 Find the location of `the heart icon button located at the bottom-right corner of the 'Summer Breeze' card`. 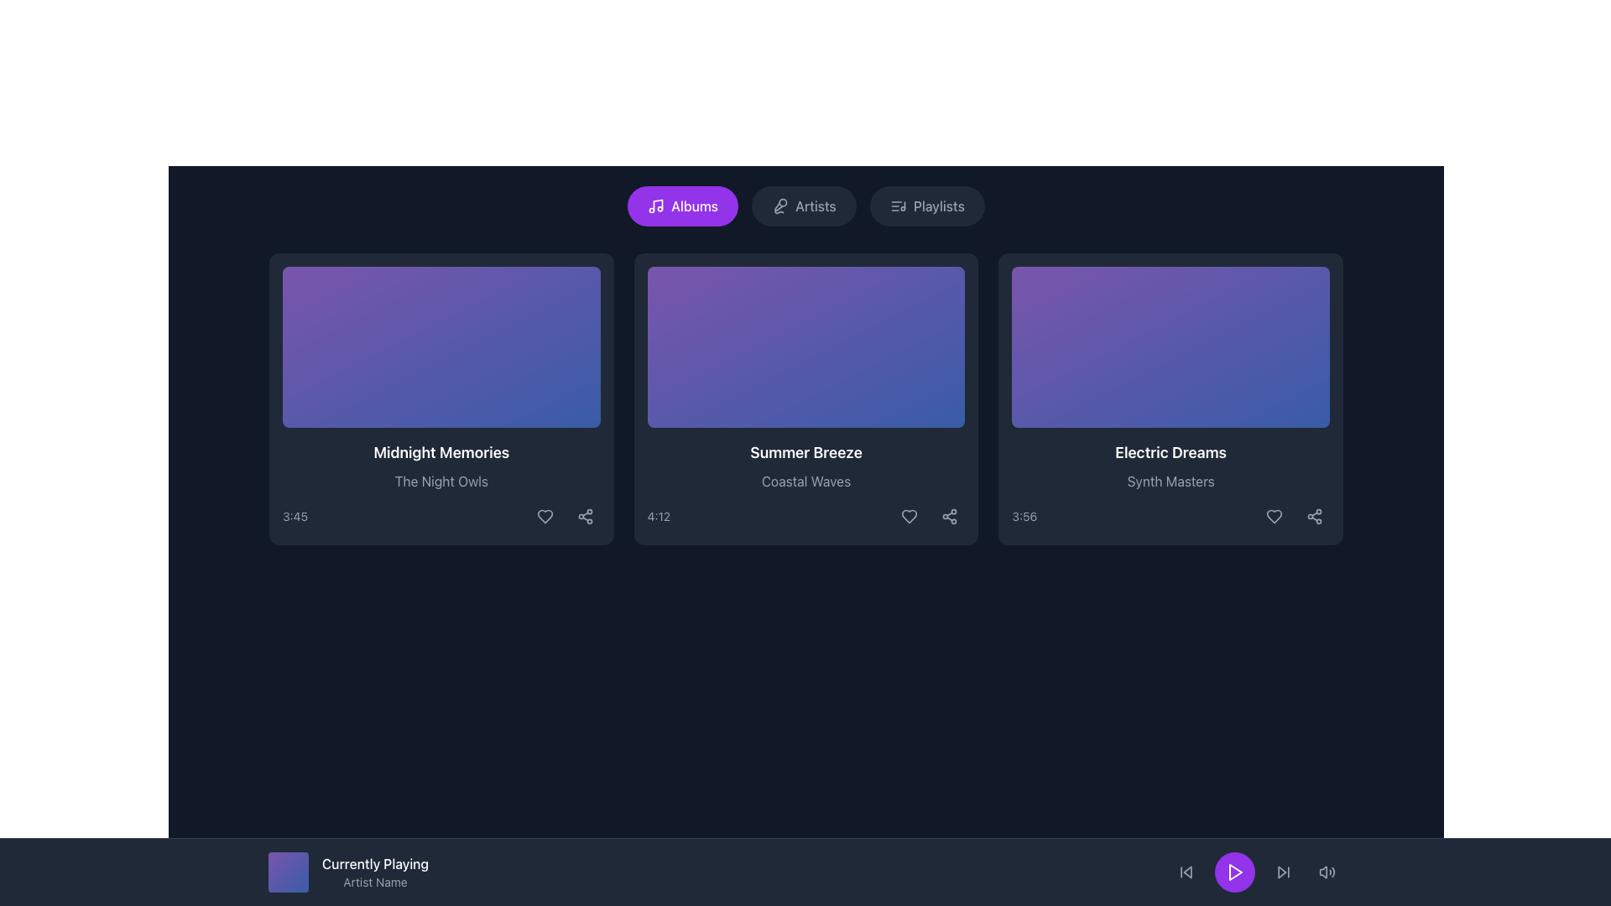

the heart icon button located at the bottom-right corner of the 'Summer Breeze' card is located at coordinates (909, 516).